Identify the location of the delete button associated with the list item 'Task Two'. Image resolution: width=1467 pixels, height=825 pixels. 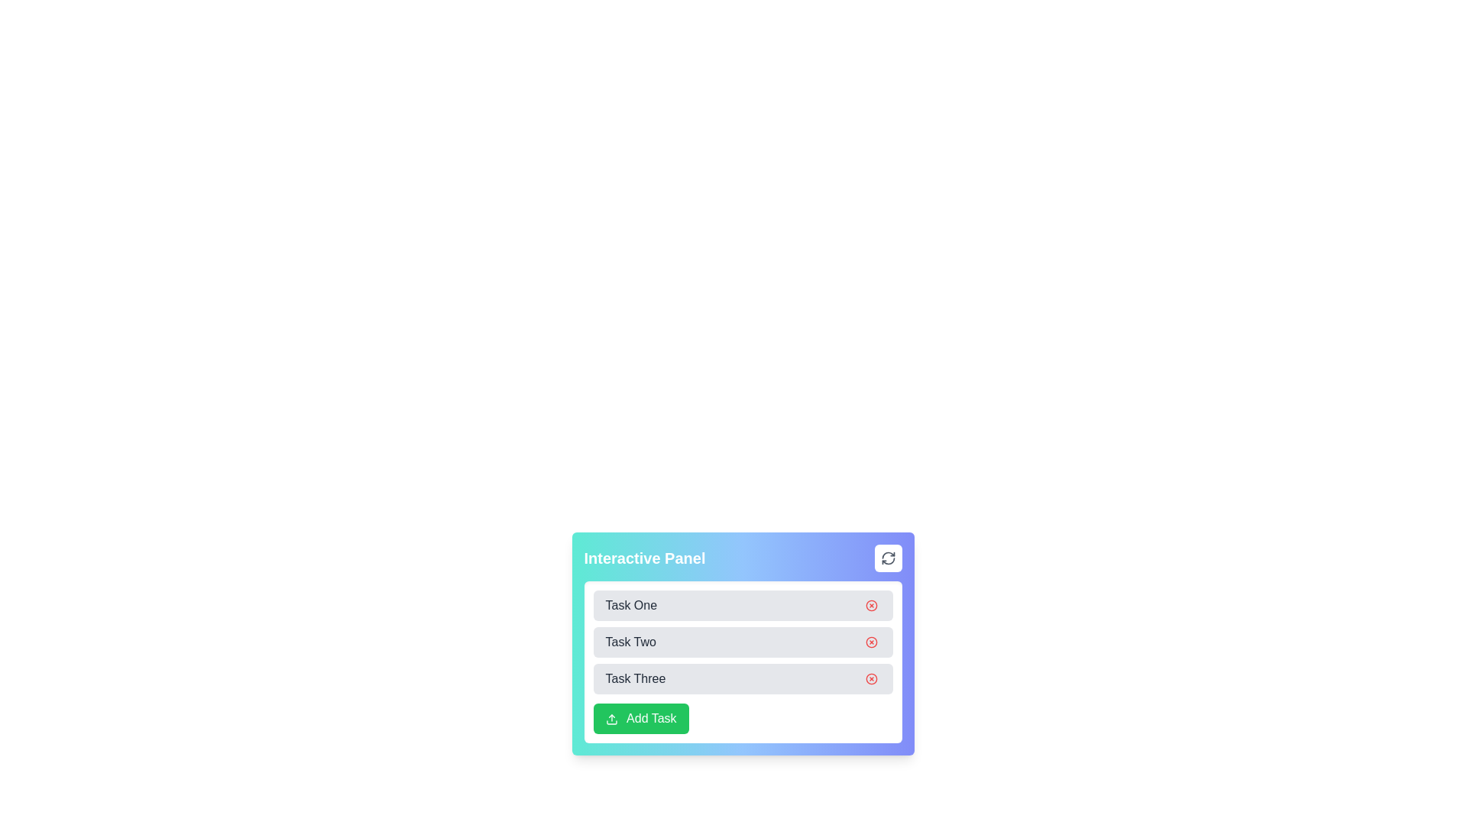
(871, 642).